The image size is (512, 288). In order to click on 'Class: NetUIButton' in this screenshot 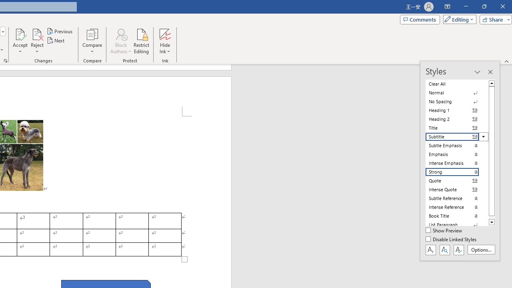, I will do `click(458, 249)`.